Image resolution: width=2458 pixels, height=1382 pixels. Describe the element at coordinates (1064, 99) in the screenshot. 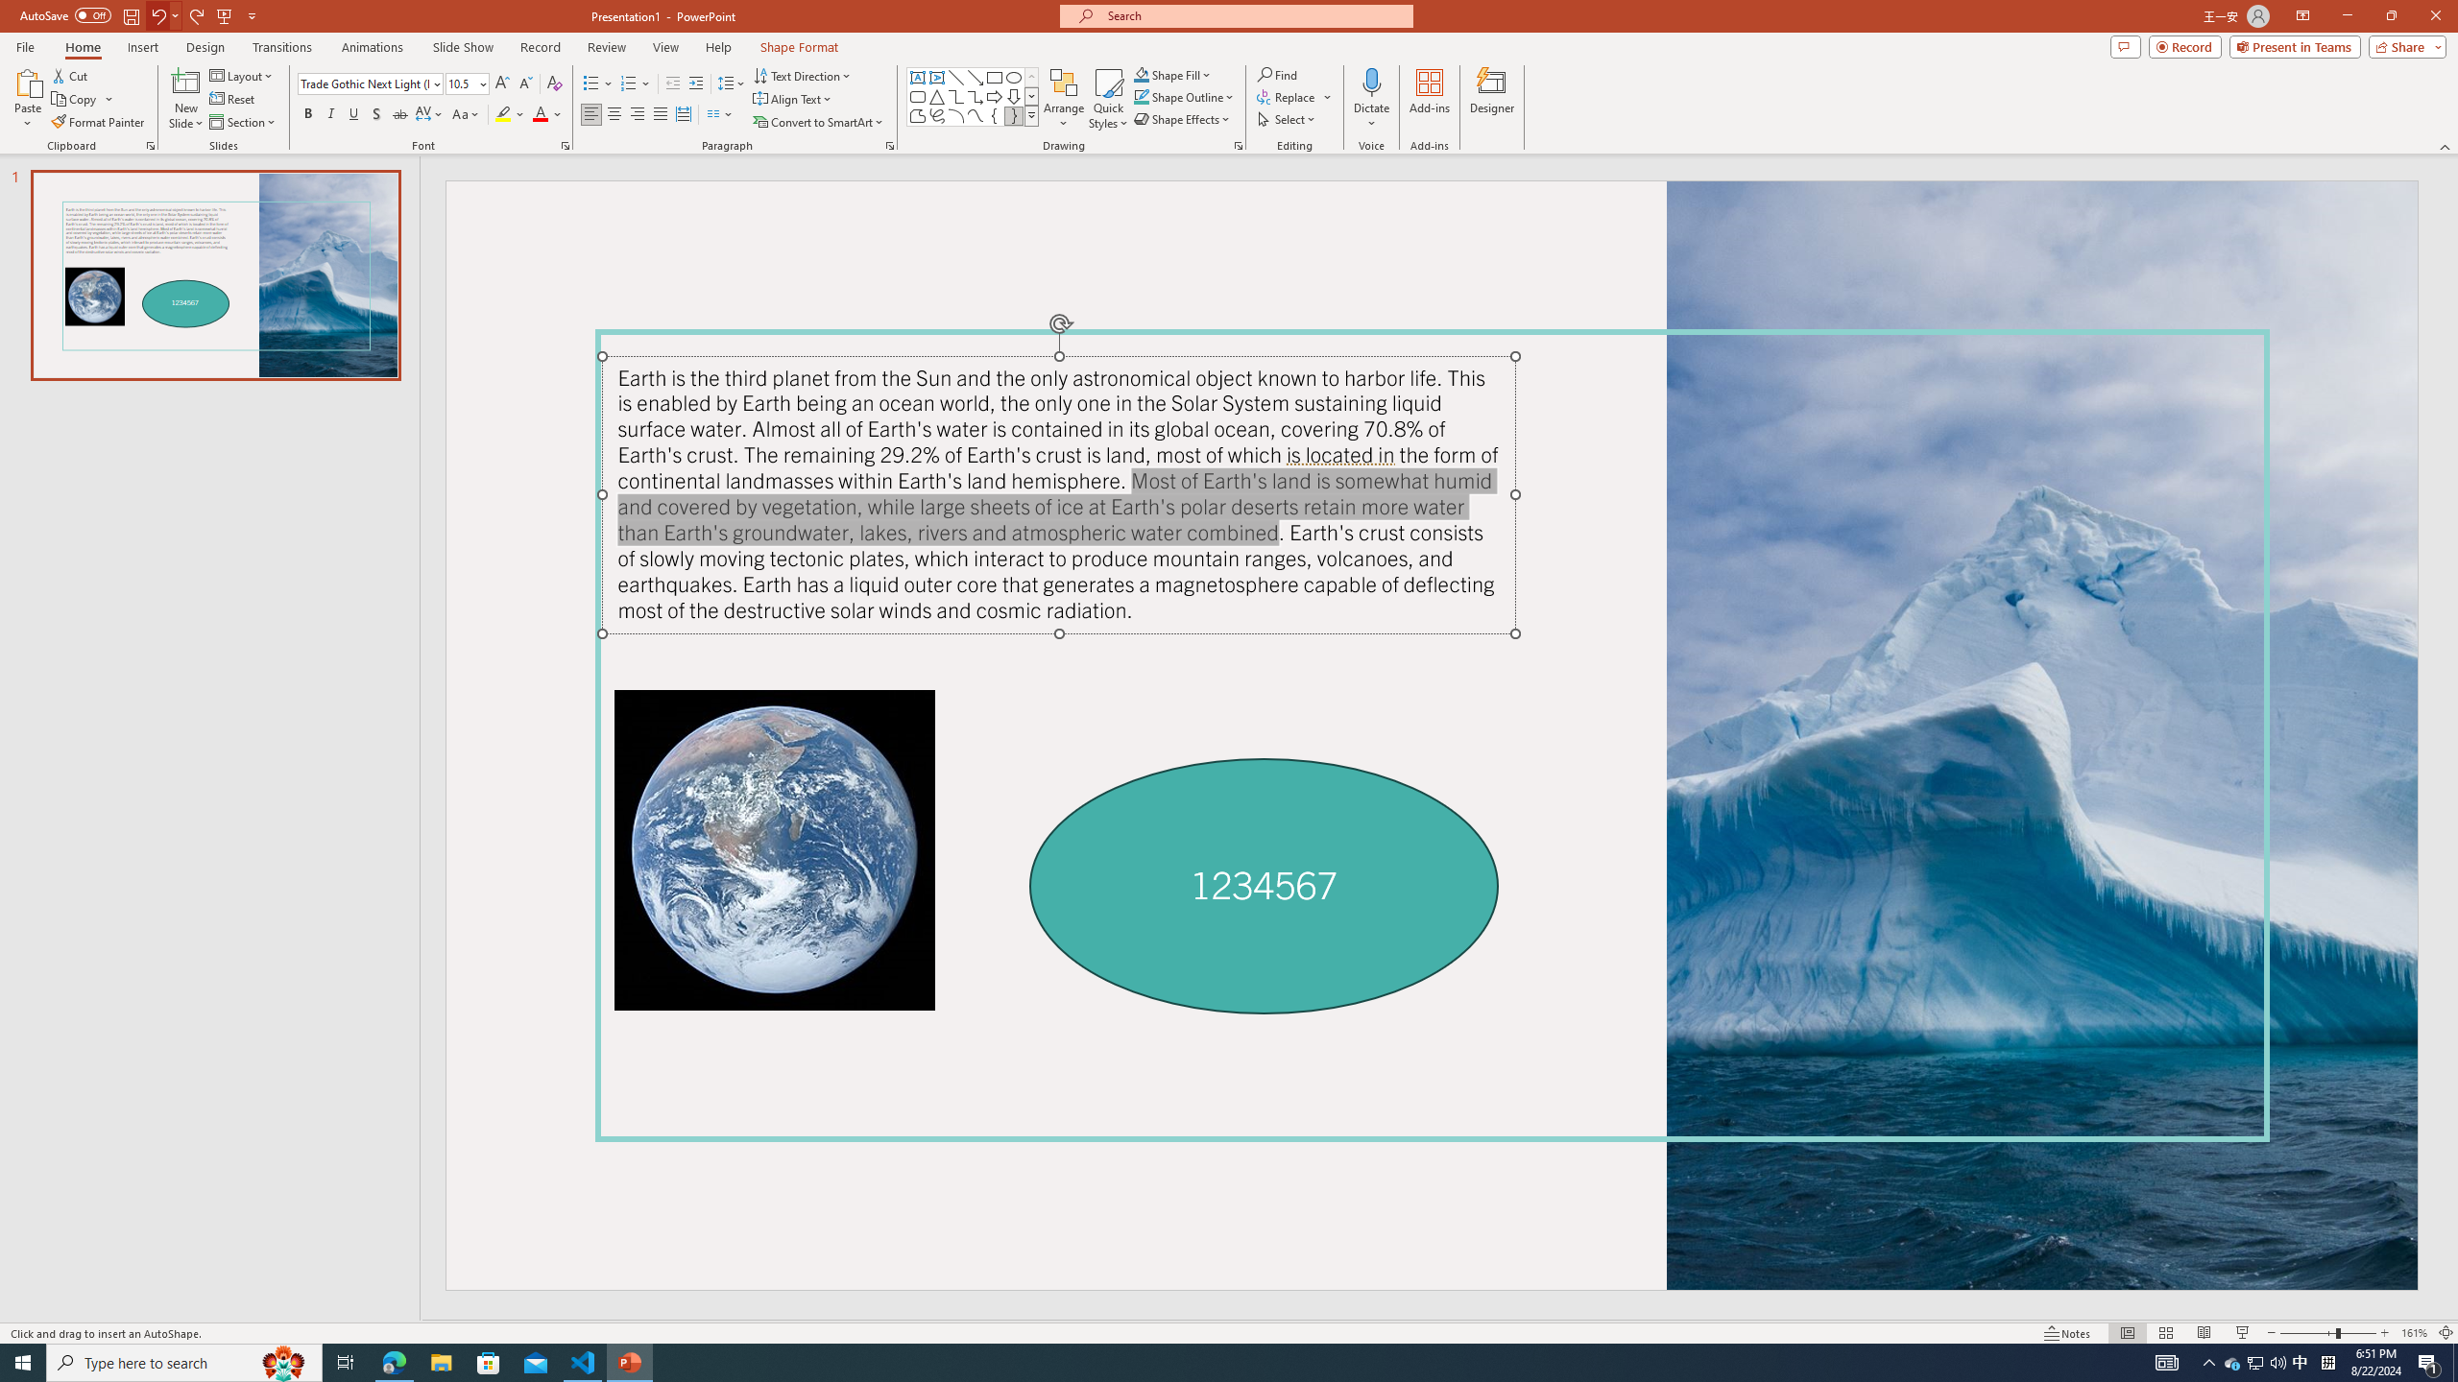

I see `'Arrange'` at that location.